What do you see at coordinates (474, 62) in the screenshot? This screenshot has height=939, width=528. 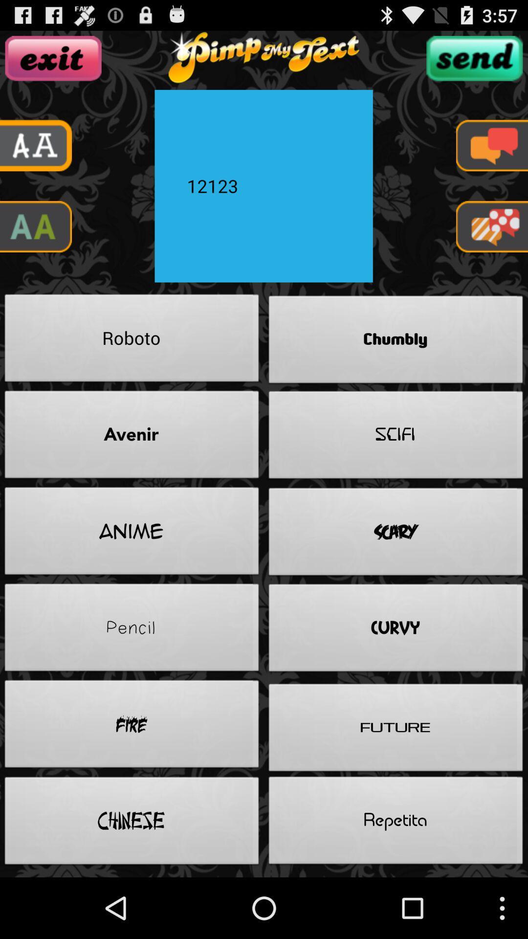 I see `the sliders icon` at bounding box center [474, 62].